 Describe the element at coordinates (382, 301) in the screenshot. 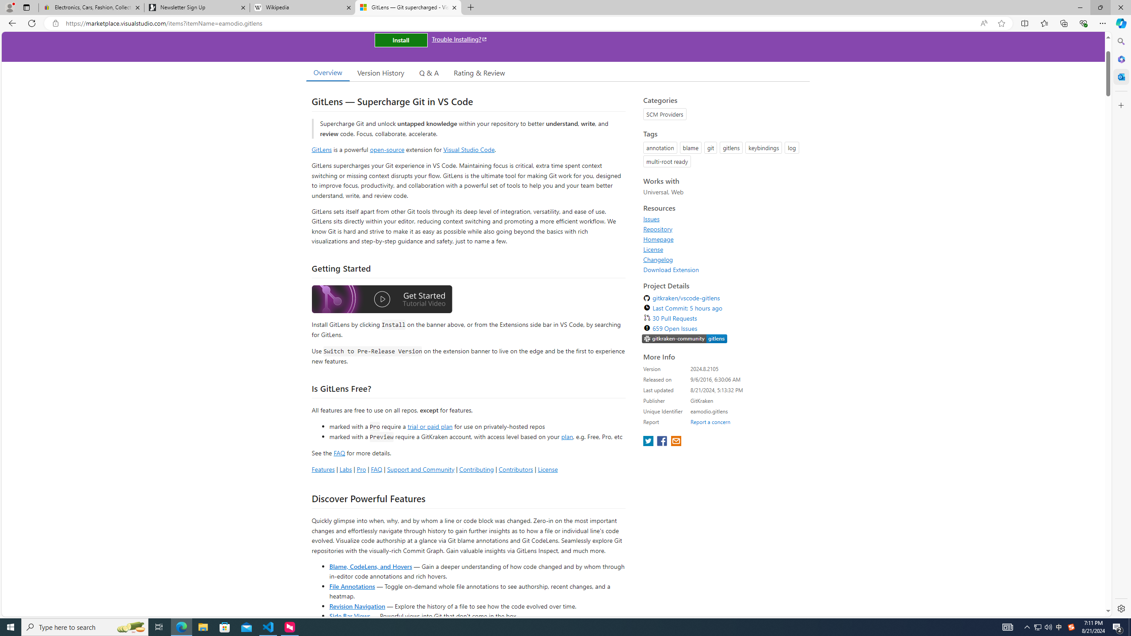

I see `'Watch the GitLens Getting Started video'` at that location.